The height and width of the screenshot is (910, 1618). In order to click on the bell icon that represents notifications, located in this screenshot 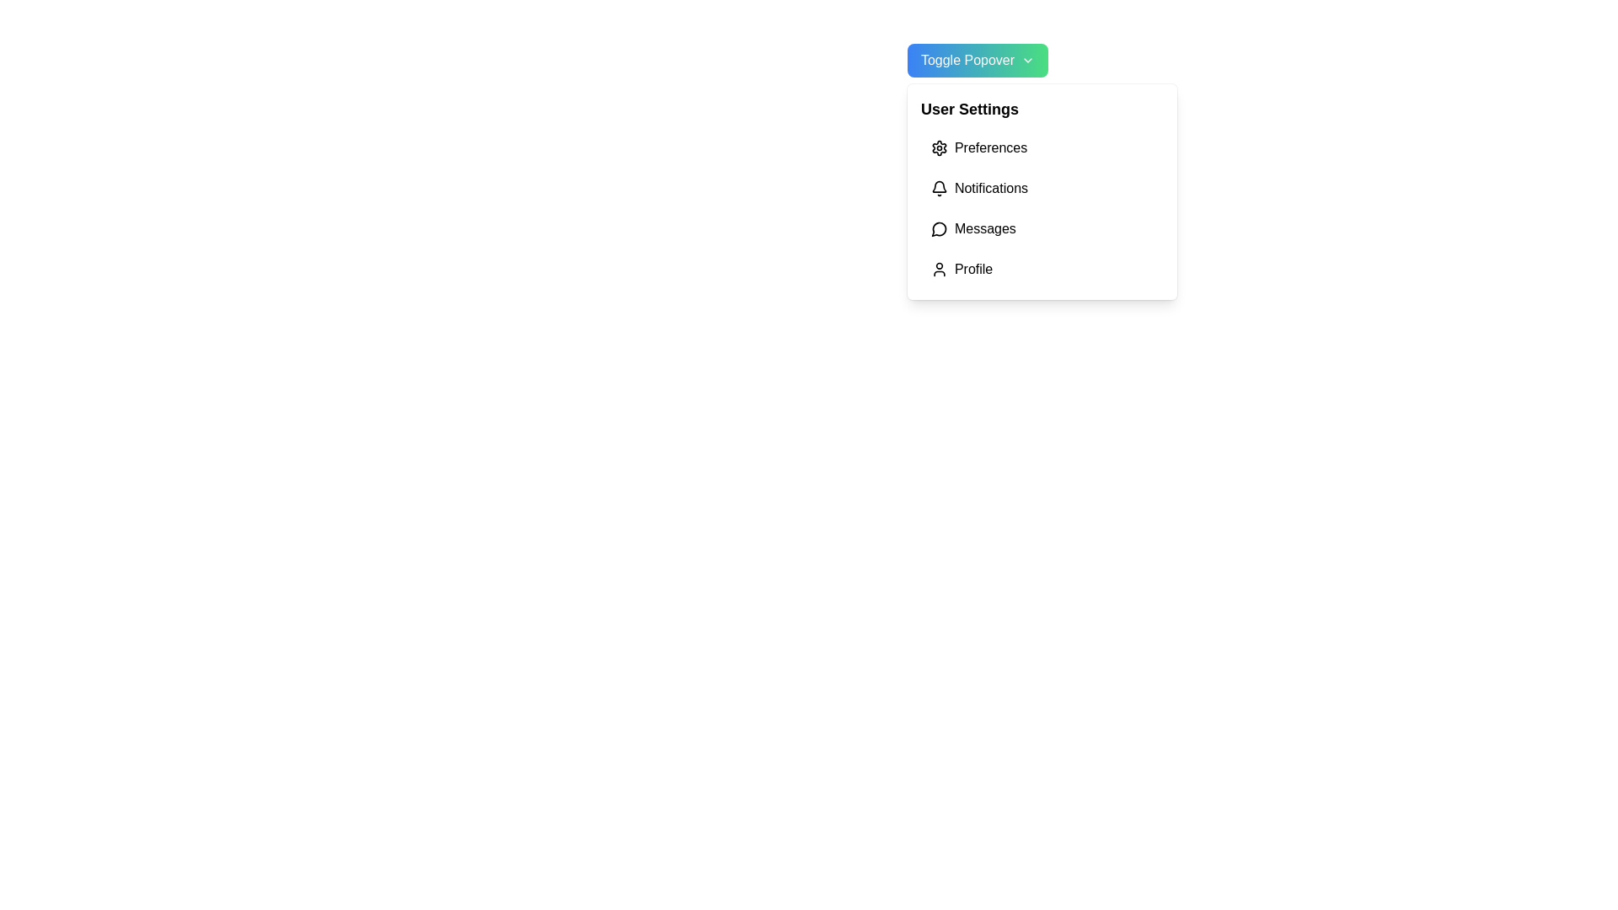, I will do `click(937, 188)`.